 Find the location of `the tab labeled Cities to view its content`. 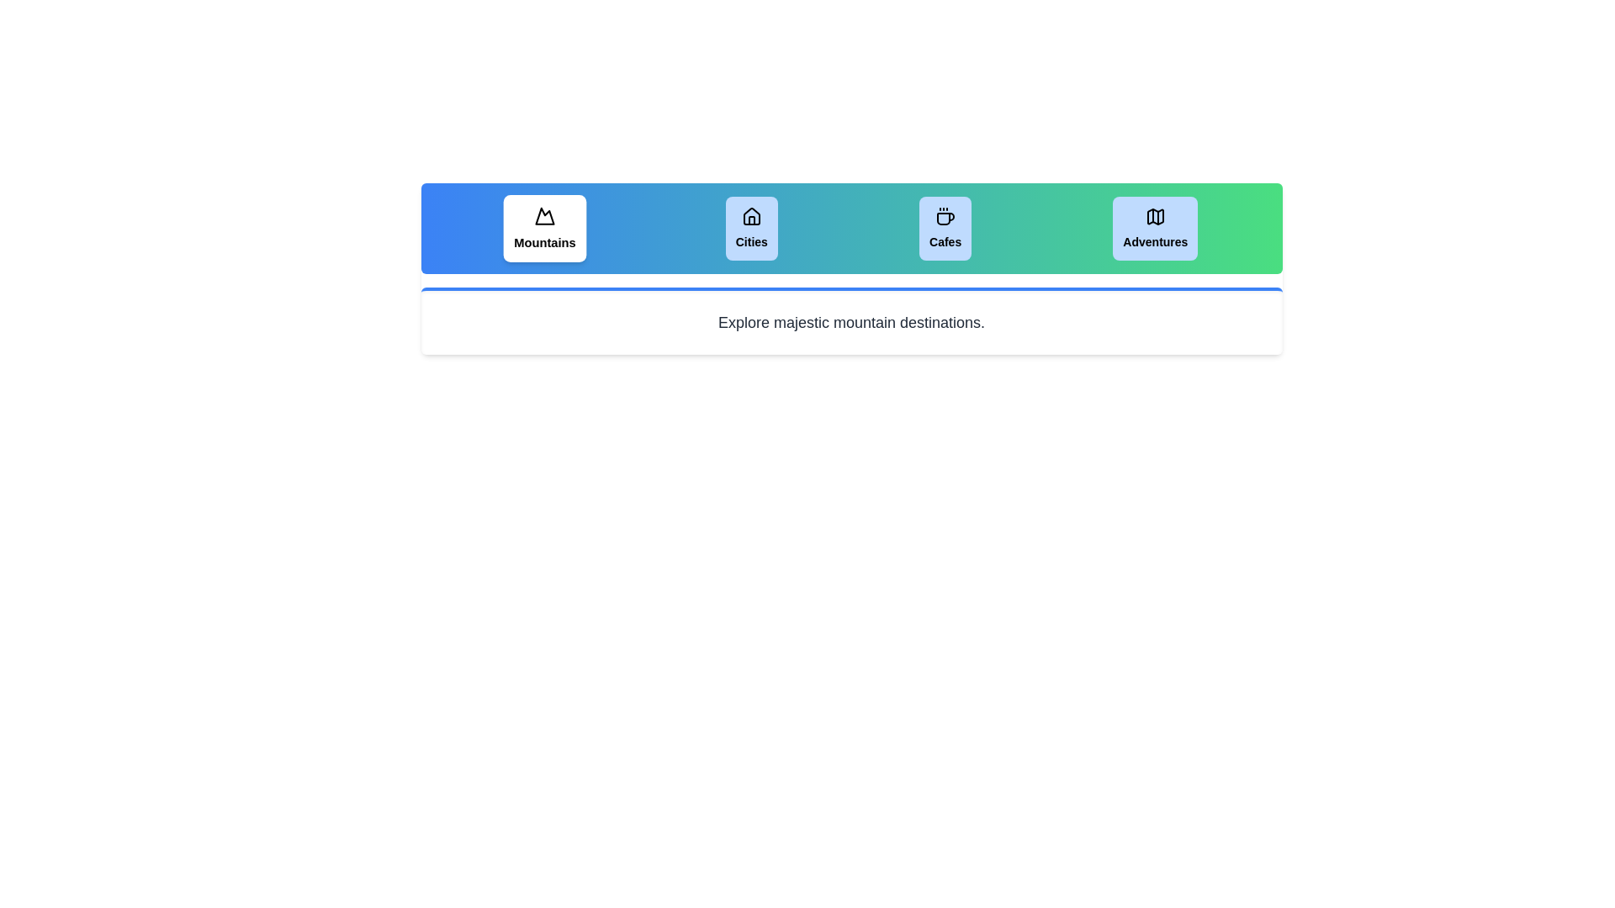

the tab labeled Cities to view its content is located at coordinates (750, 229).